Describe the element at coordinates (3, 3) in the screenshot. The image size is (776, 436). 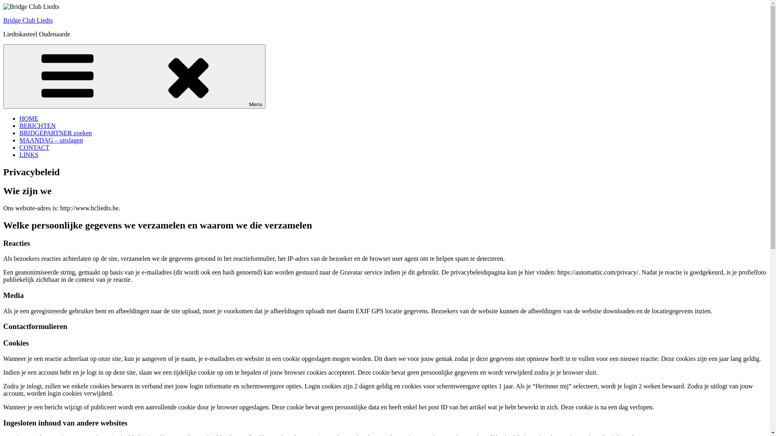
I see `'Naar de inhoud springen'` at that location.